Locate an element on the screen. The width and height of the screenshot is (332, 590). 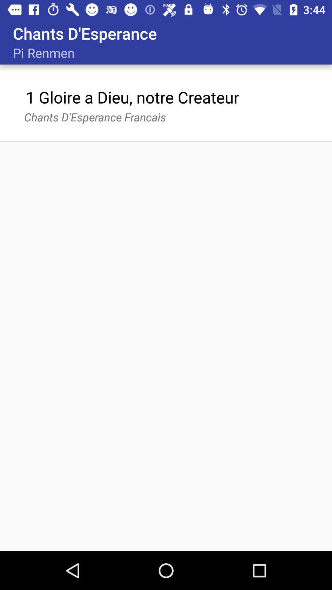
item below pi renmen icon is located at coordinates (132, 97).